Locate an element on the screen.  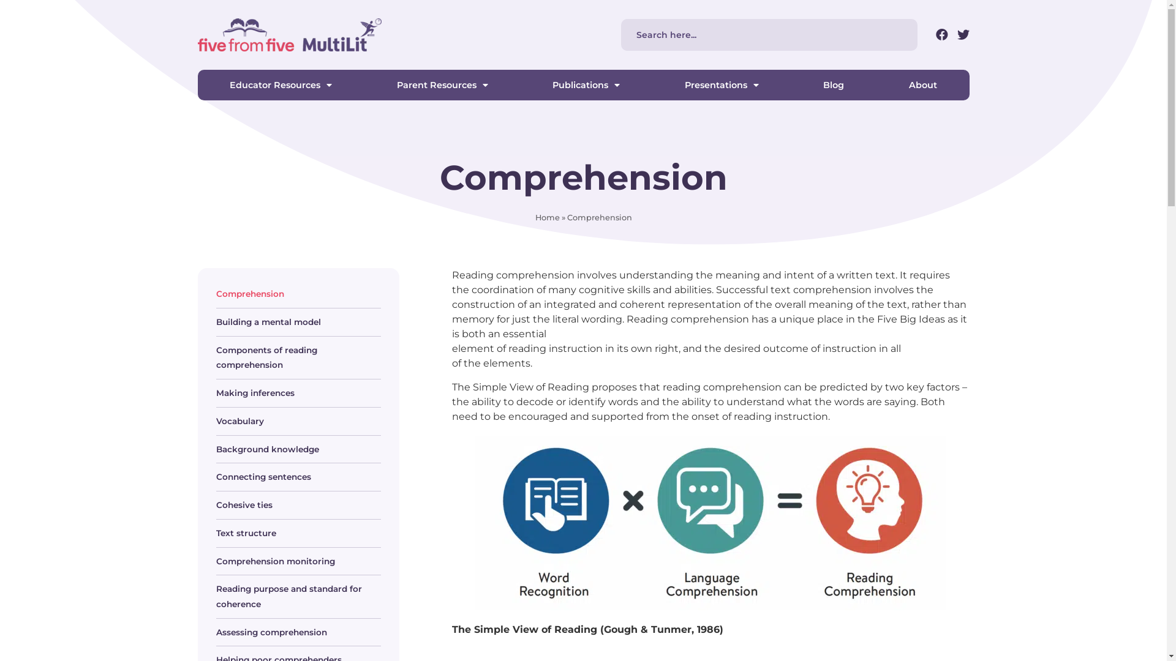
'Parent Resources' is located at coordinates (442, 84).